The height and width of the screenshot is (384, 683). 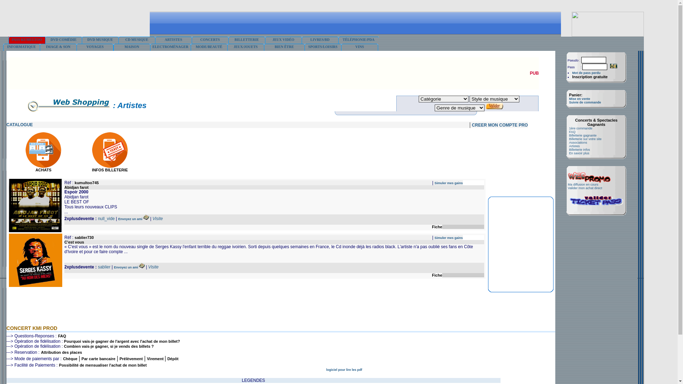 What do you see at coordinates (100, 40) in the screenshot?
I see `'DVD MUSIQUE'` at bounding box center [100, 40].